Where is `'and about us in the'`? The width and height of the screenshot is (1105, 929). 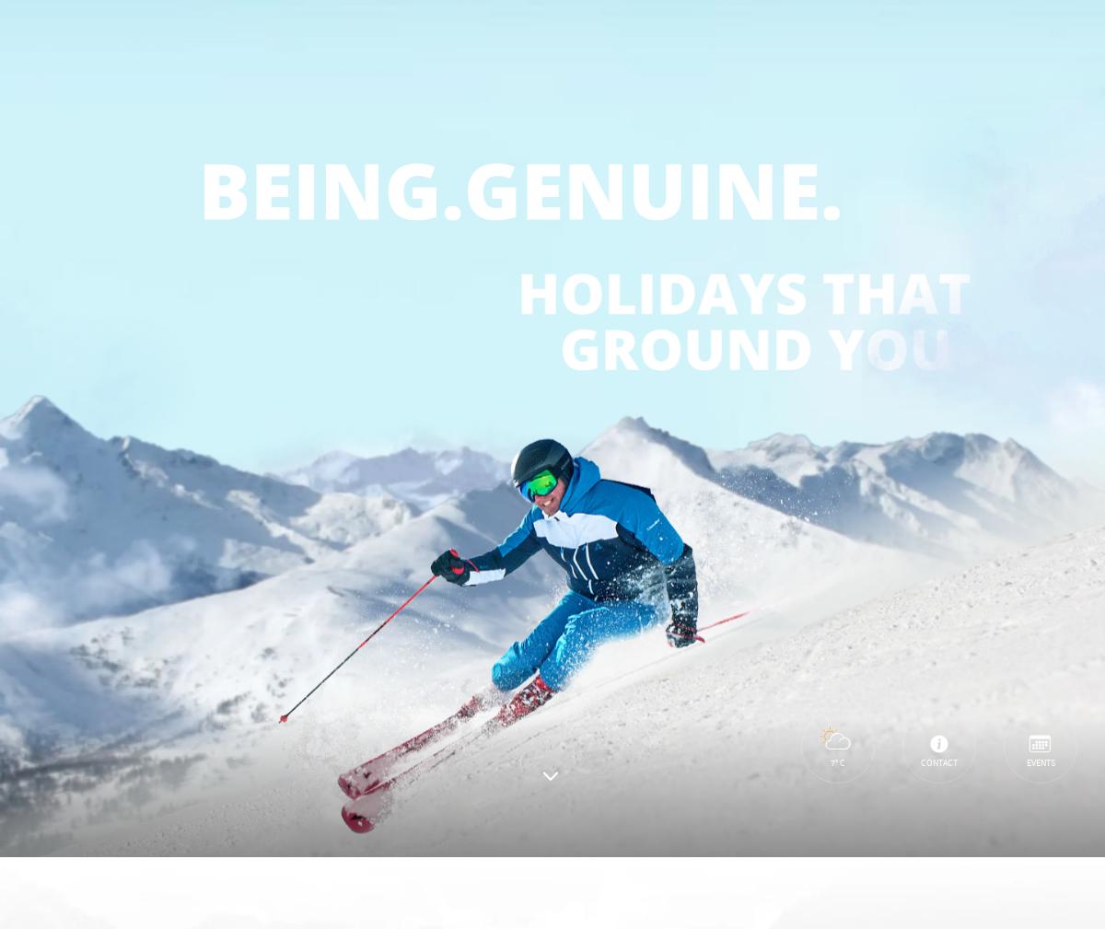 'and about us in the' is located at coordinates (299, 723).